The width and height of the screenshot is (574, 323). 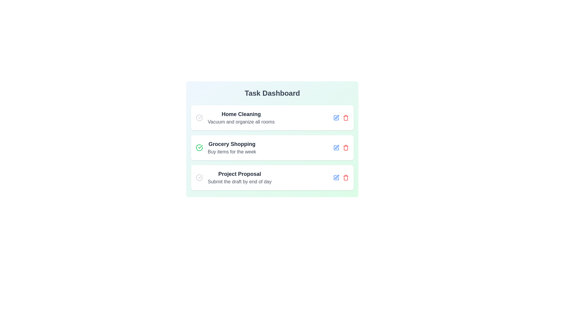 What do you see at coordinates (346, 118) in the screenshot?
I see `trash icon for the task titled Home Cleaning` at bounding box center [346, 118].